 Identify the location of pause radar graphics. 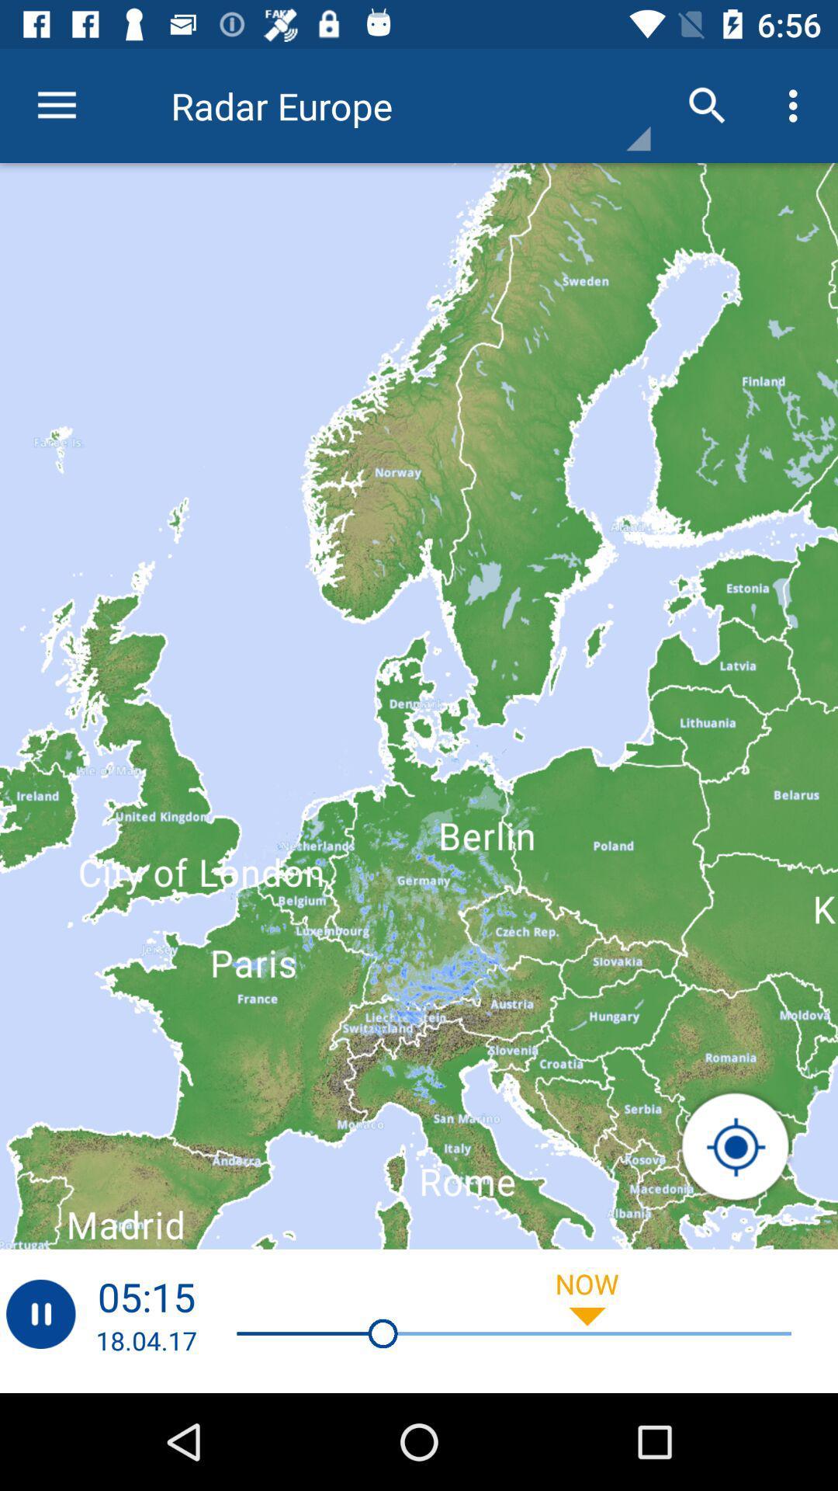
(40, 1313).